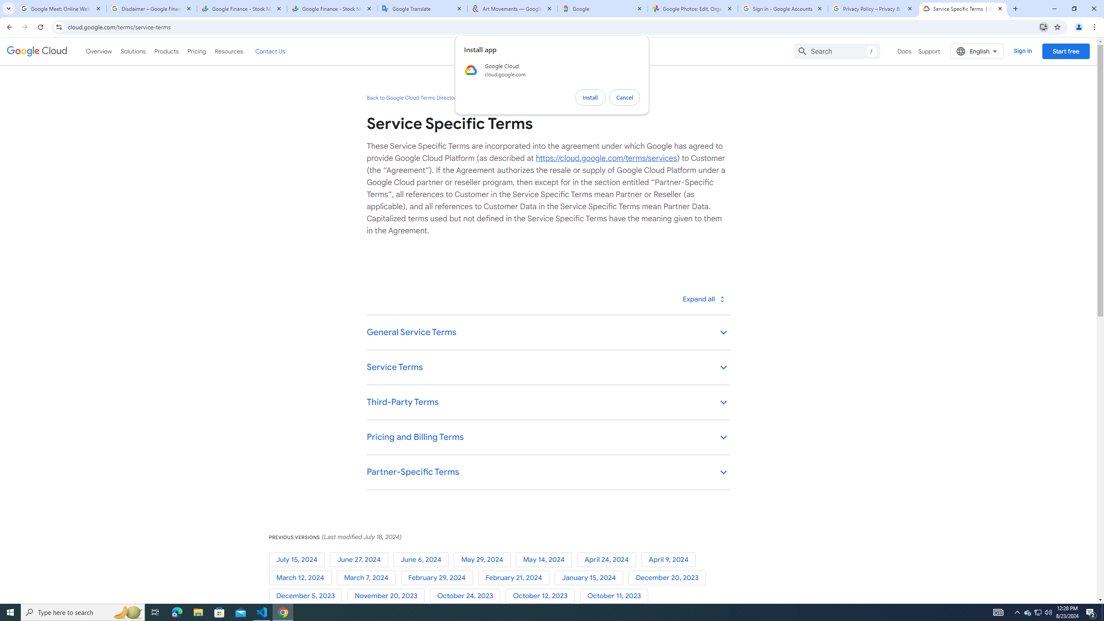  Describe the element at coordinates (548, 437) in the screenshot. I see `'Pricing and Billing Terms keyboard_arrow_down'` at that location.